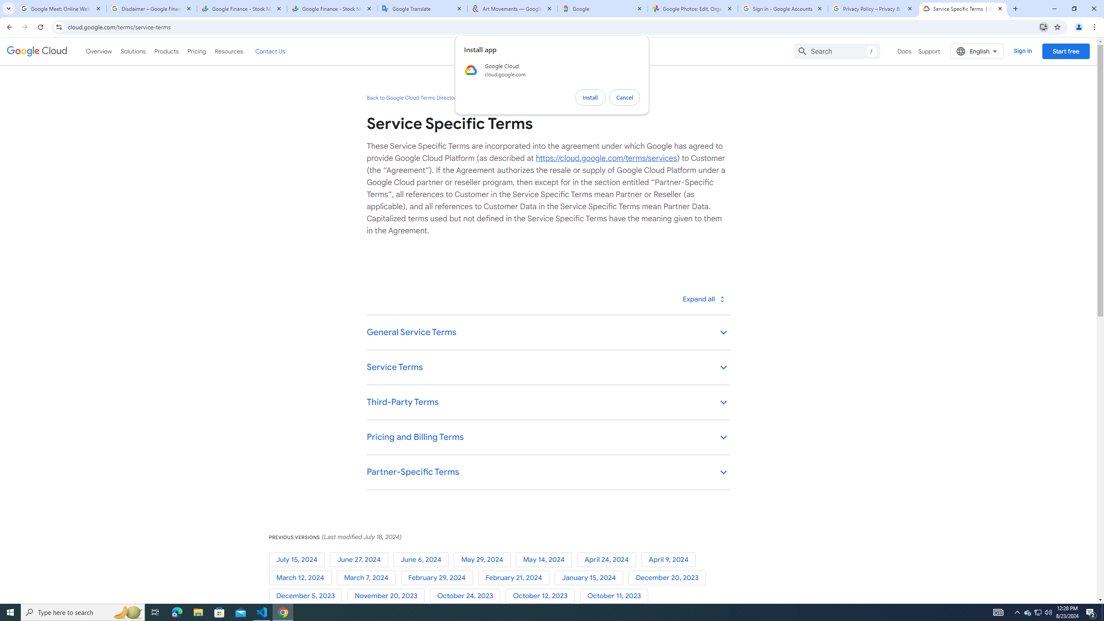  Describe the element at coordinates (548, 437) in the screenshot. I see `'Pricing and Billing Terms keyboard_arrow_down'` at that location.